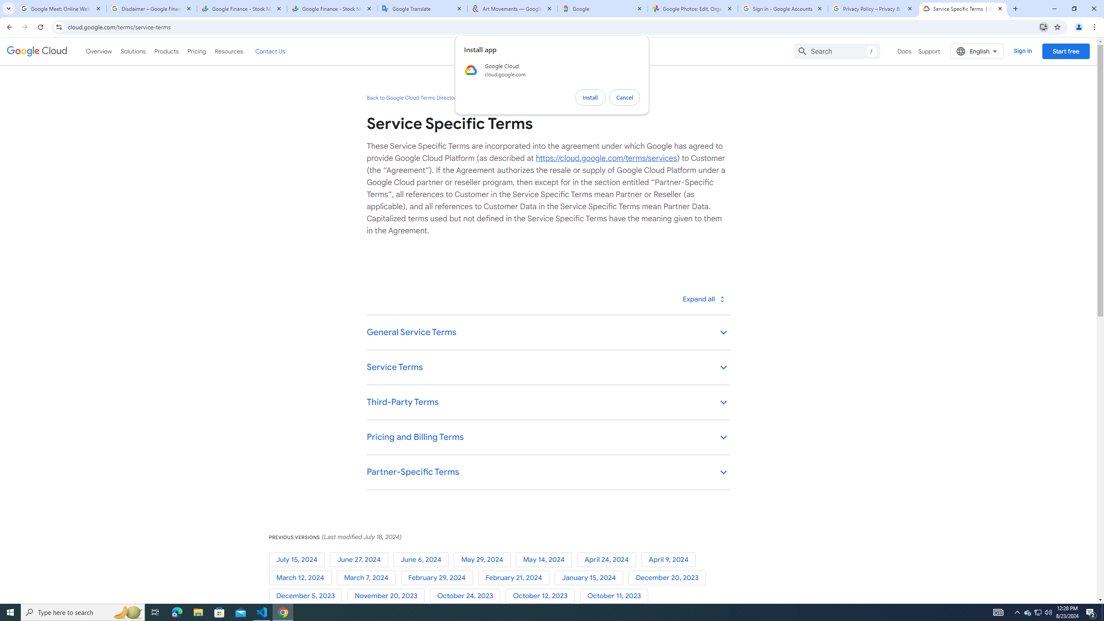  Describe the element at coordinates (548, 437) in the screenshot. I see `'Pricing and Billing Terms keyboard_arrow_down'` at that location.